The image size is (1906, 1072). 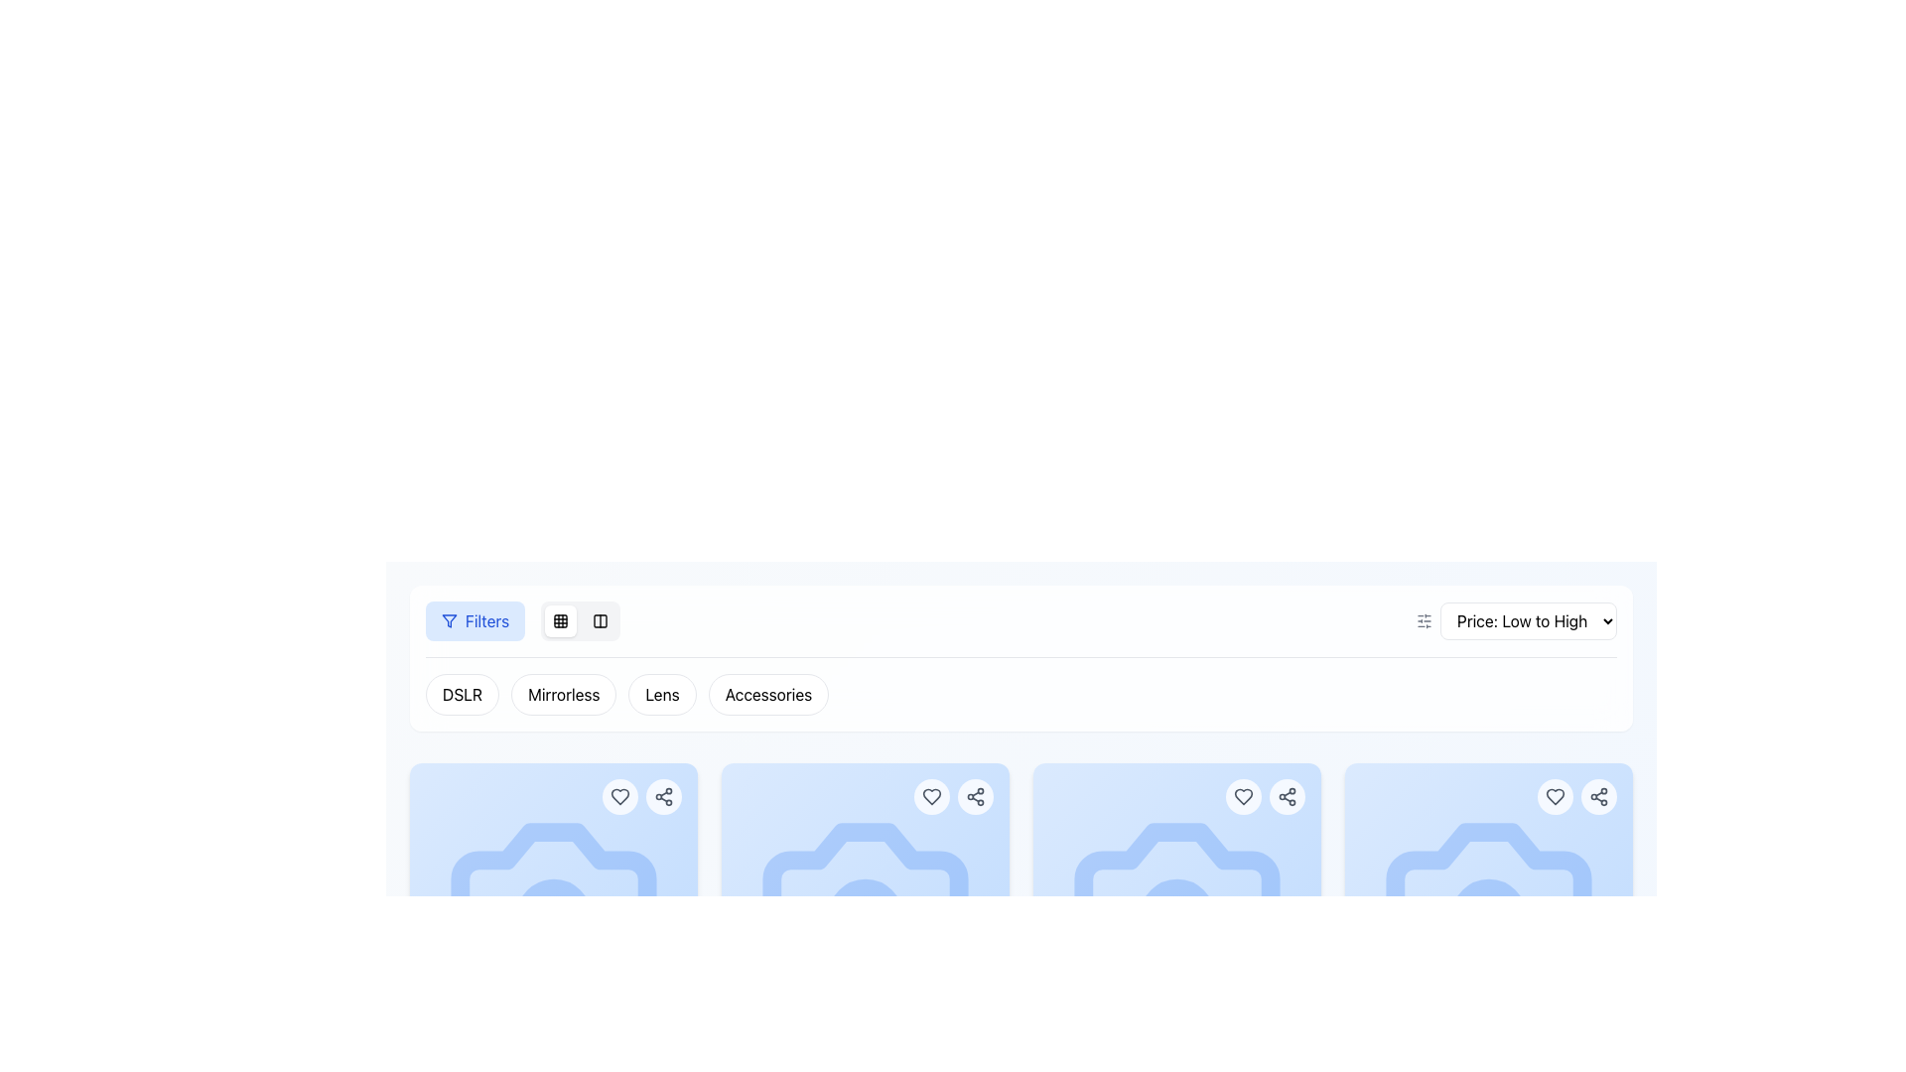 I want to click on the heart icon, which is a gray stroke-style vector graphic located, so click(x=618, y=795).